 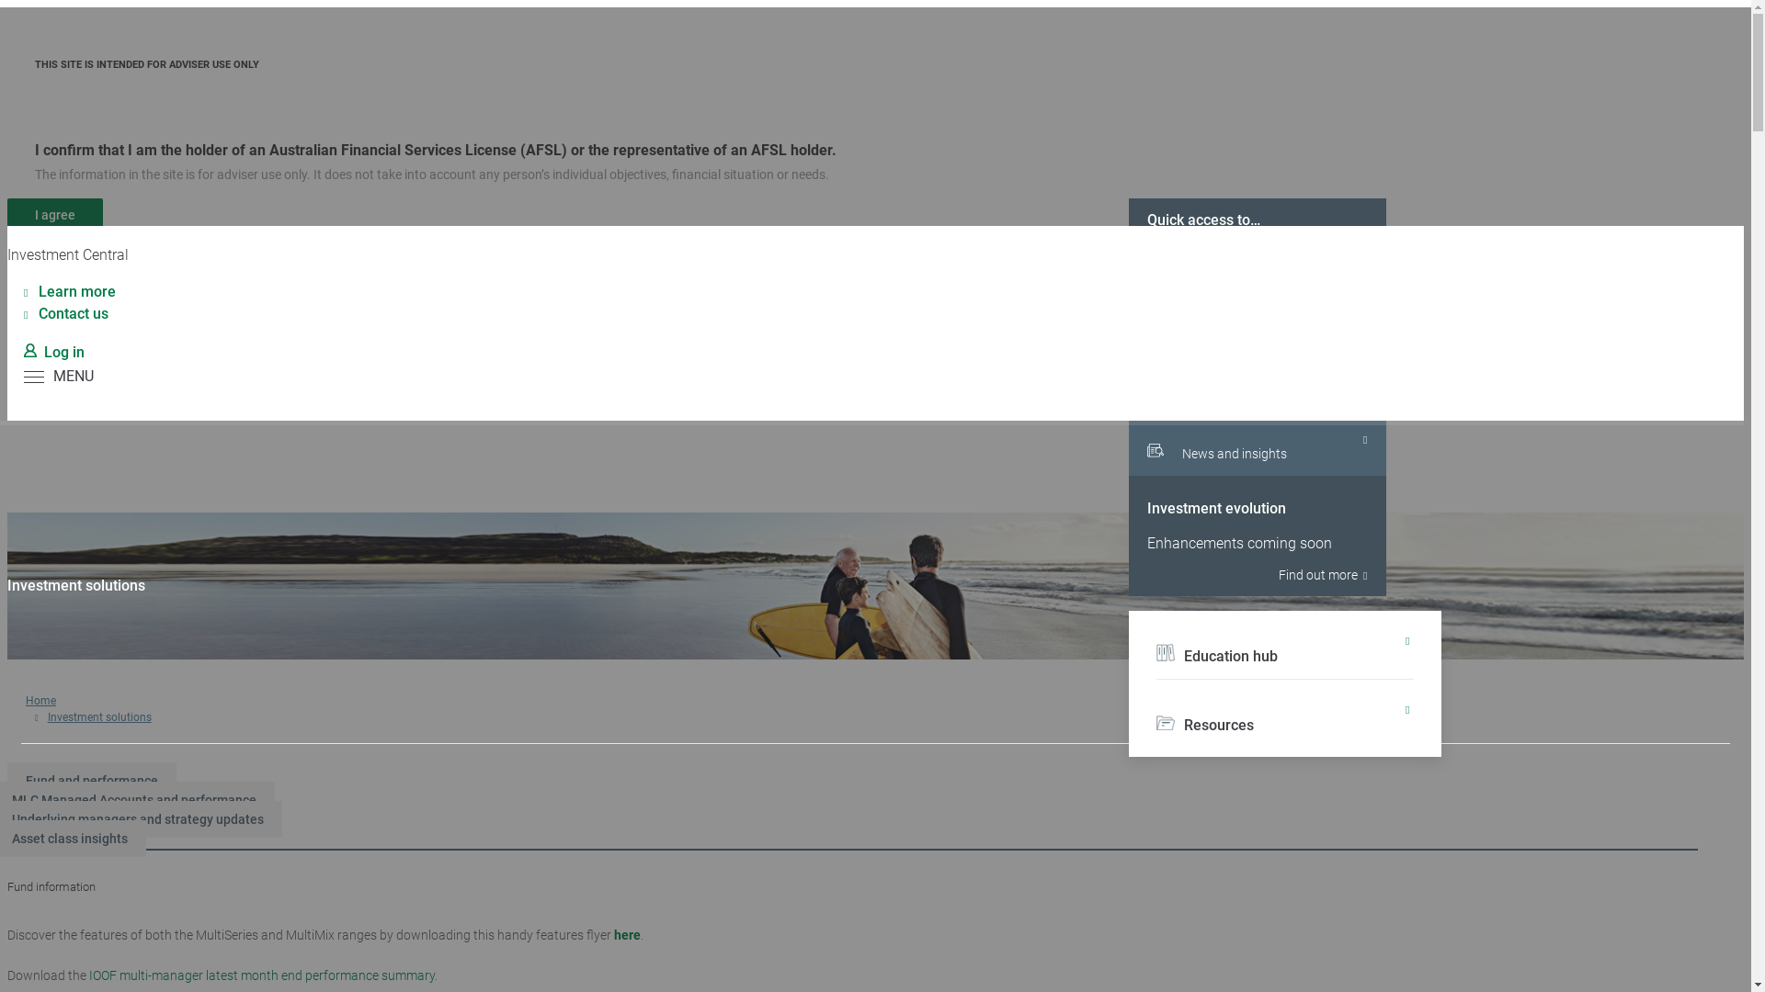 I want to click on 'here', so click(x=613, y=935).